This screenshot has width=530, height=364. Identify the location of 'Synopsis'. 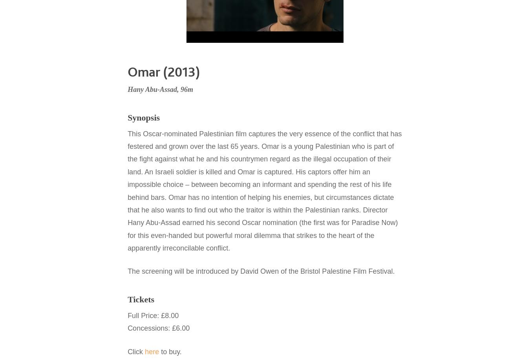
(143, 117).